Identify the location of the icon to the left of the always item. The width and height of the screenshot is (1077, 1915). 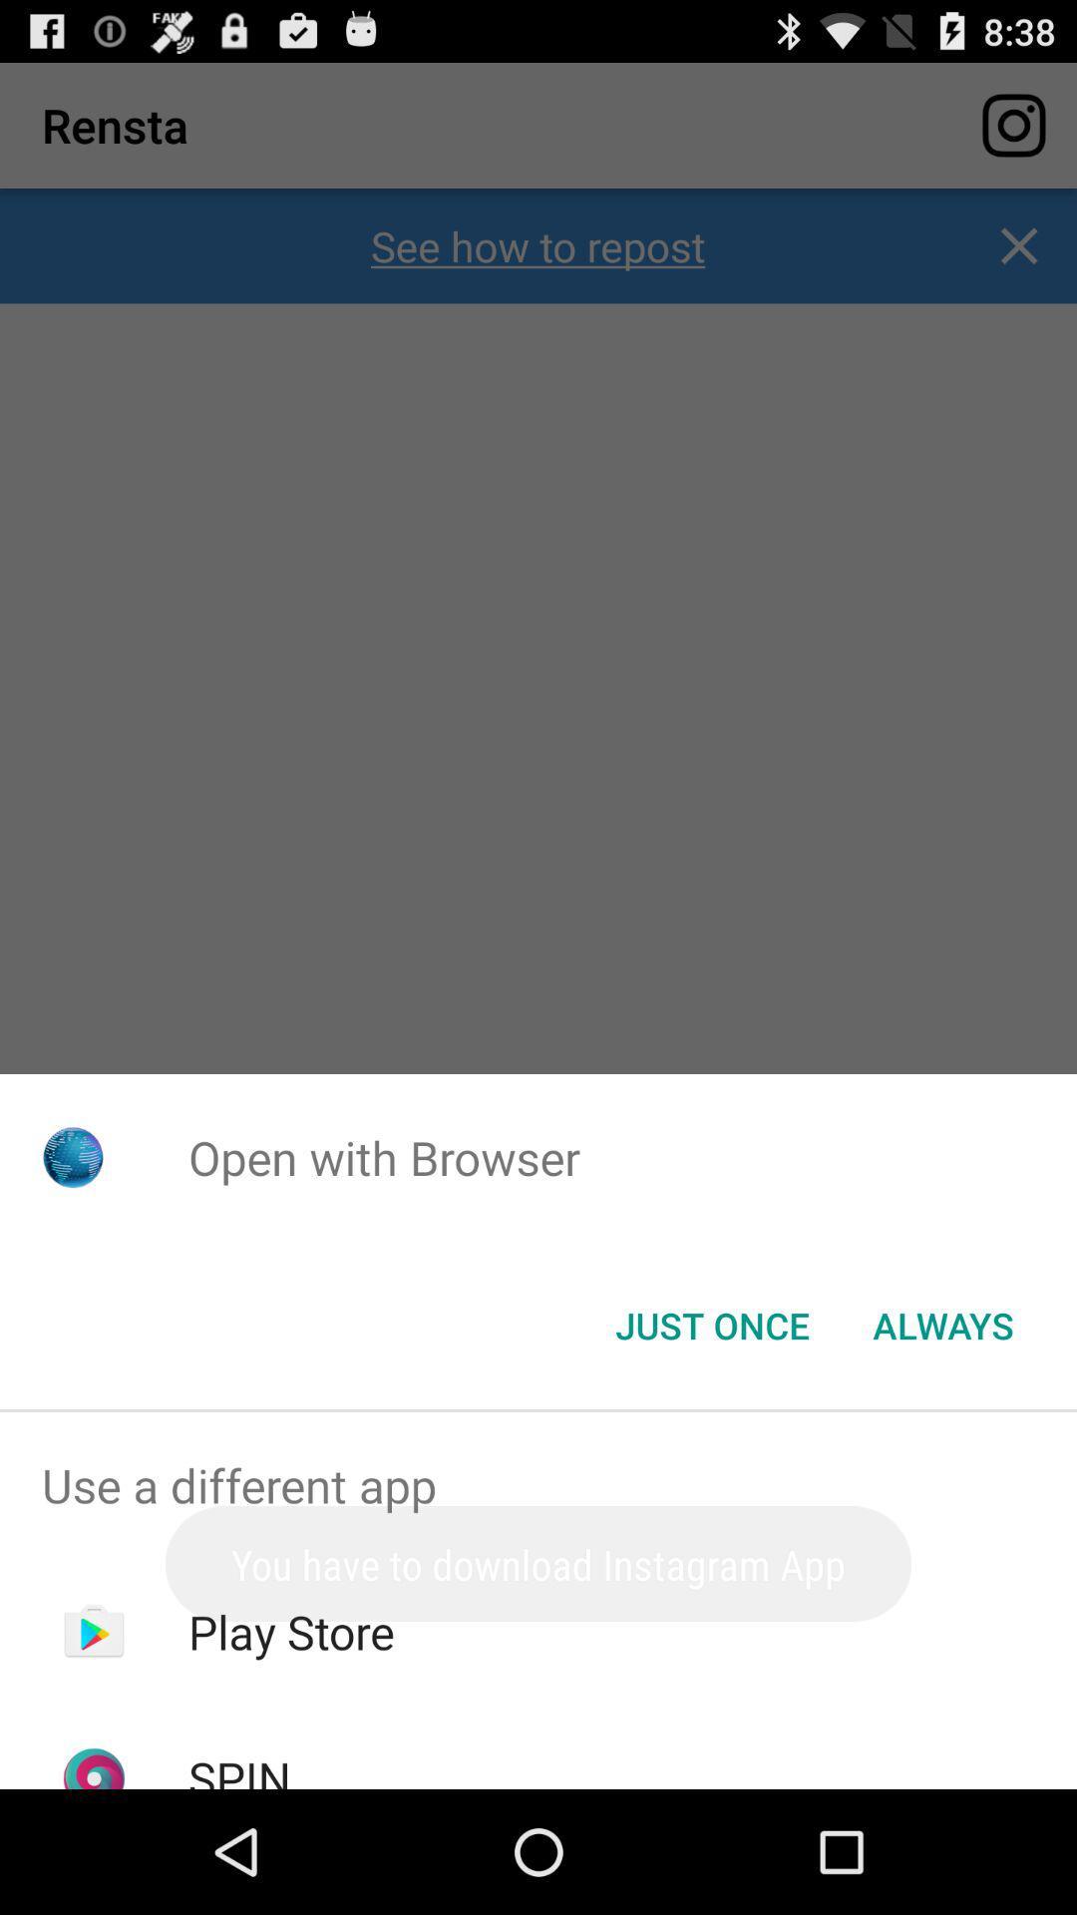
(711, 1326).